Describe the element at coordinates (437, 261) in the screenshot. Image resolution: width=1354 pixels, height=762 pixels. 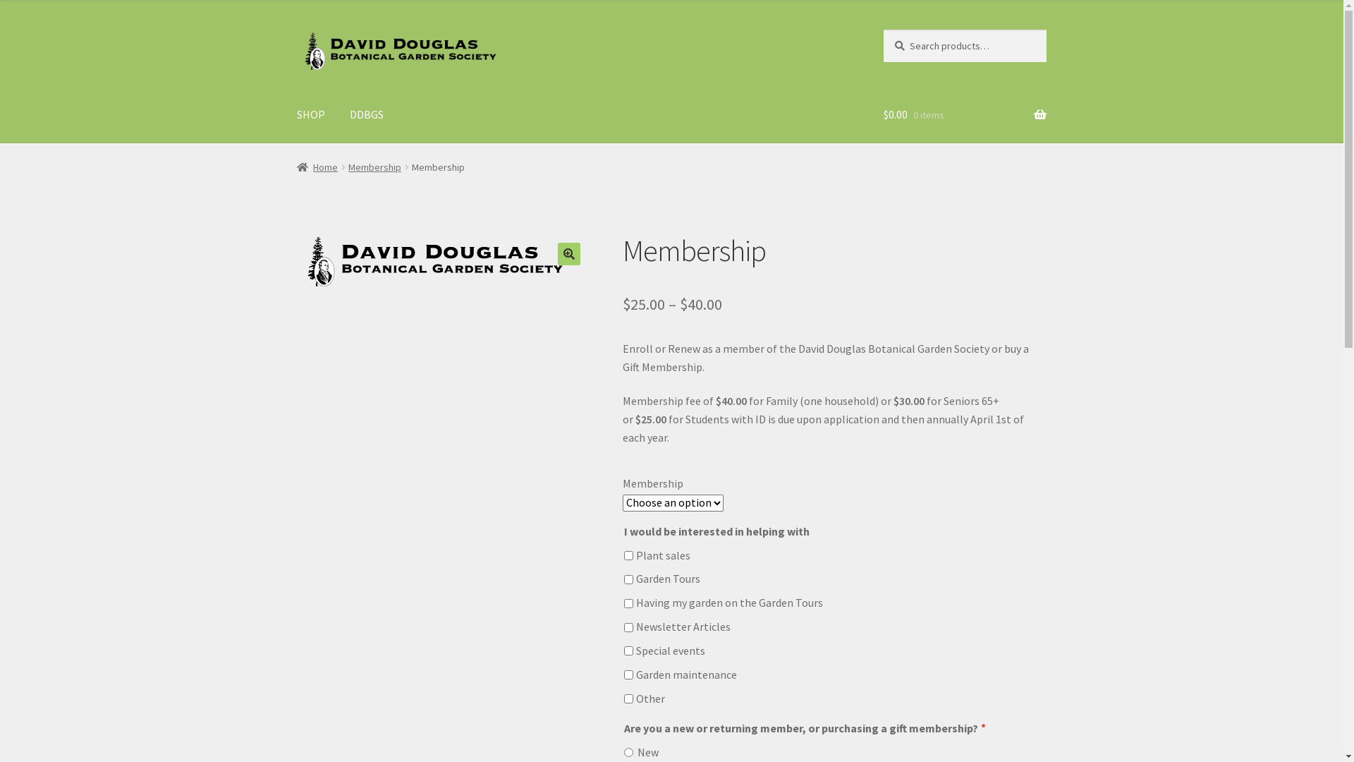
I see `'logo-DDBGS-400x80-2'` at that location.